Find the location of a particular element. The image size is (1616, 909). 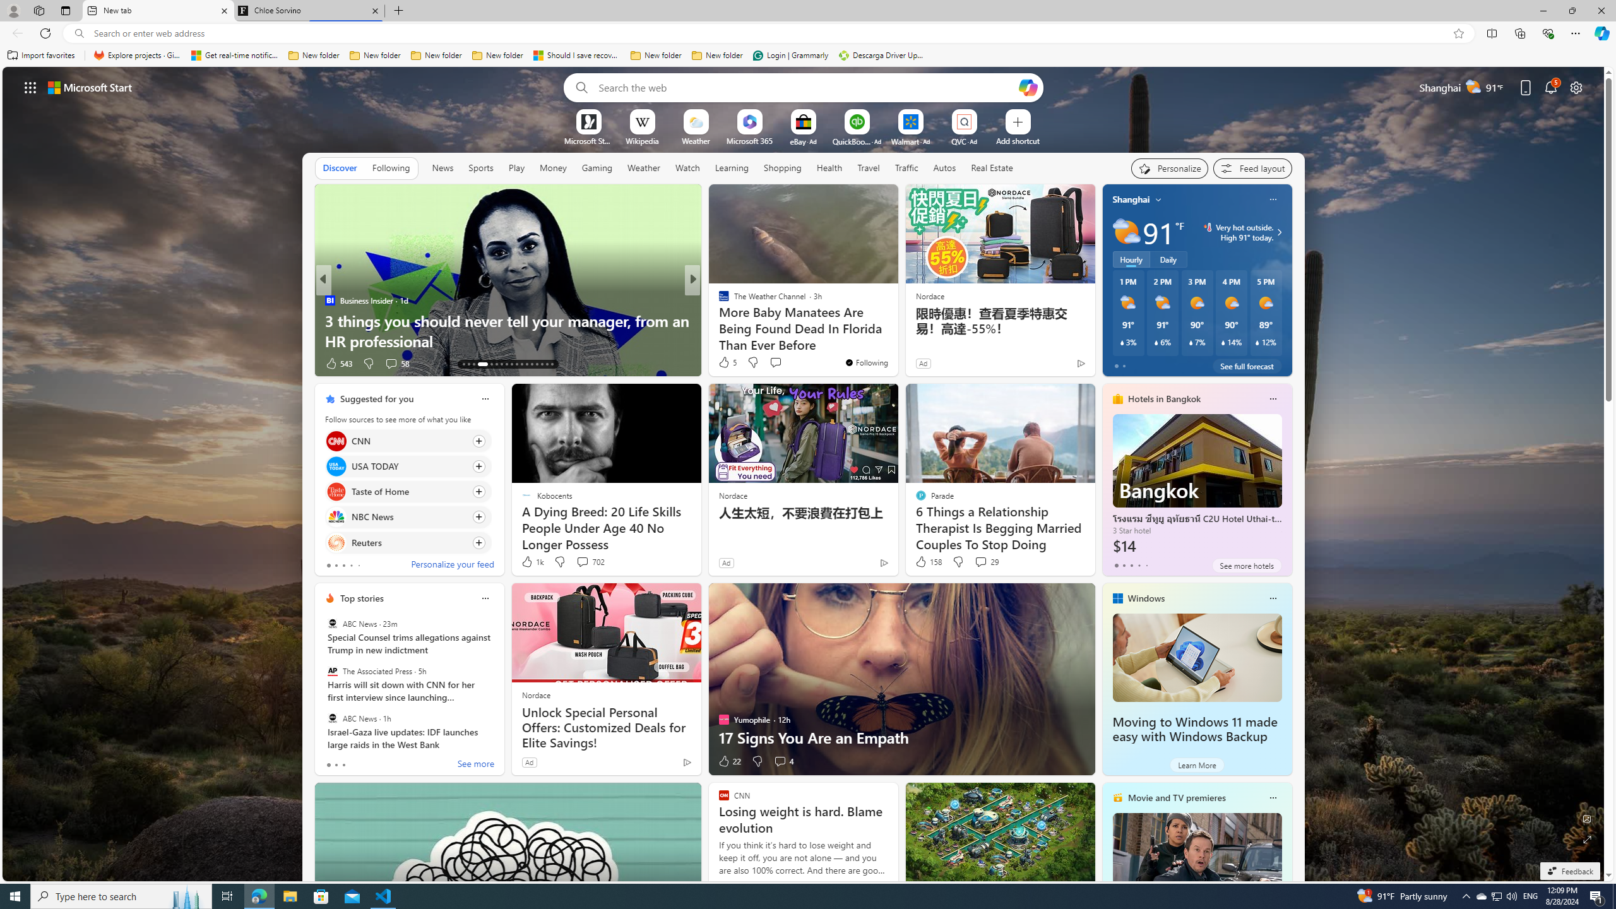

'Weather' is located at coordinates (643, 167).